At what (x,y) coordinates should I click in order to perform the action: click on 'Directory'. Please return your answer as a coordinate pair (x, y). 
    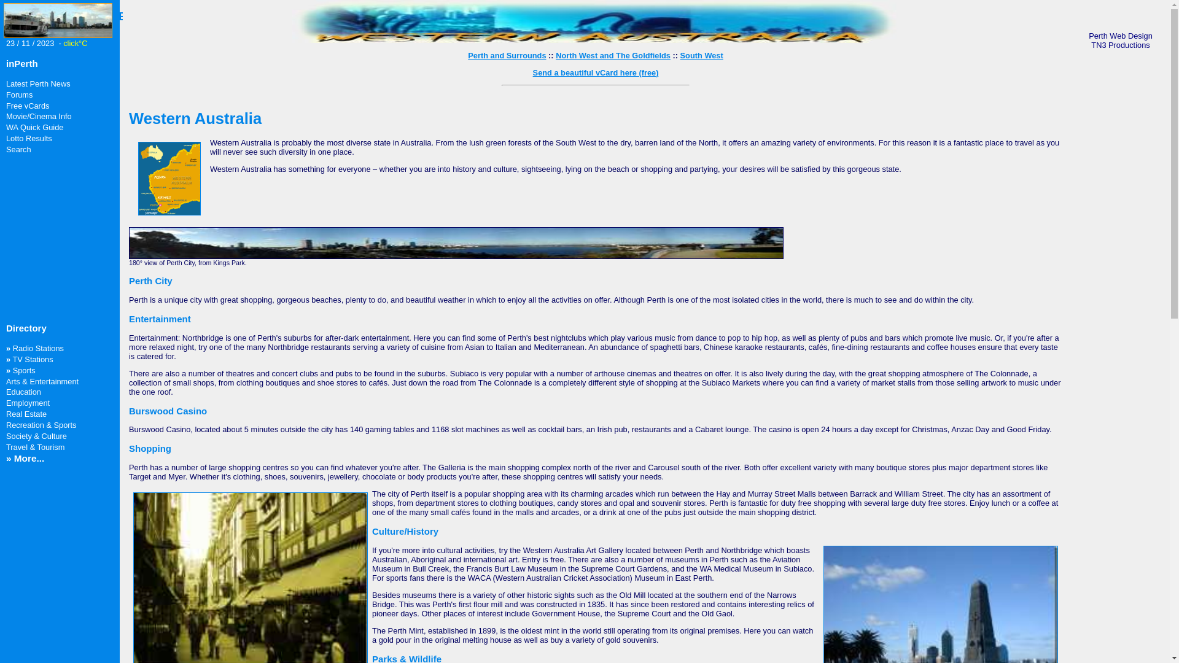
    Looking at the image, I should click on (26, 327).